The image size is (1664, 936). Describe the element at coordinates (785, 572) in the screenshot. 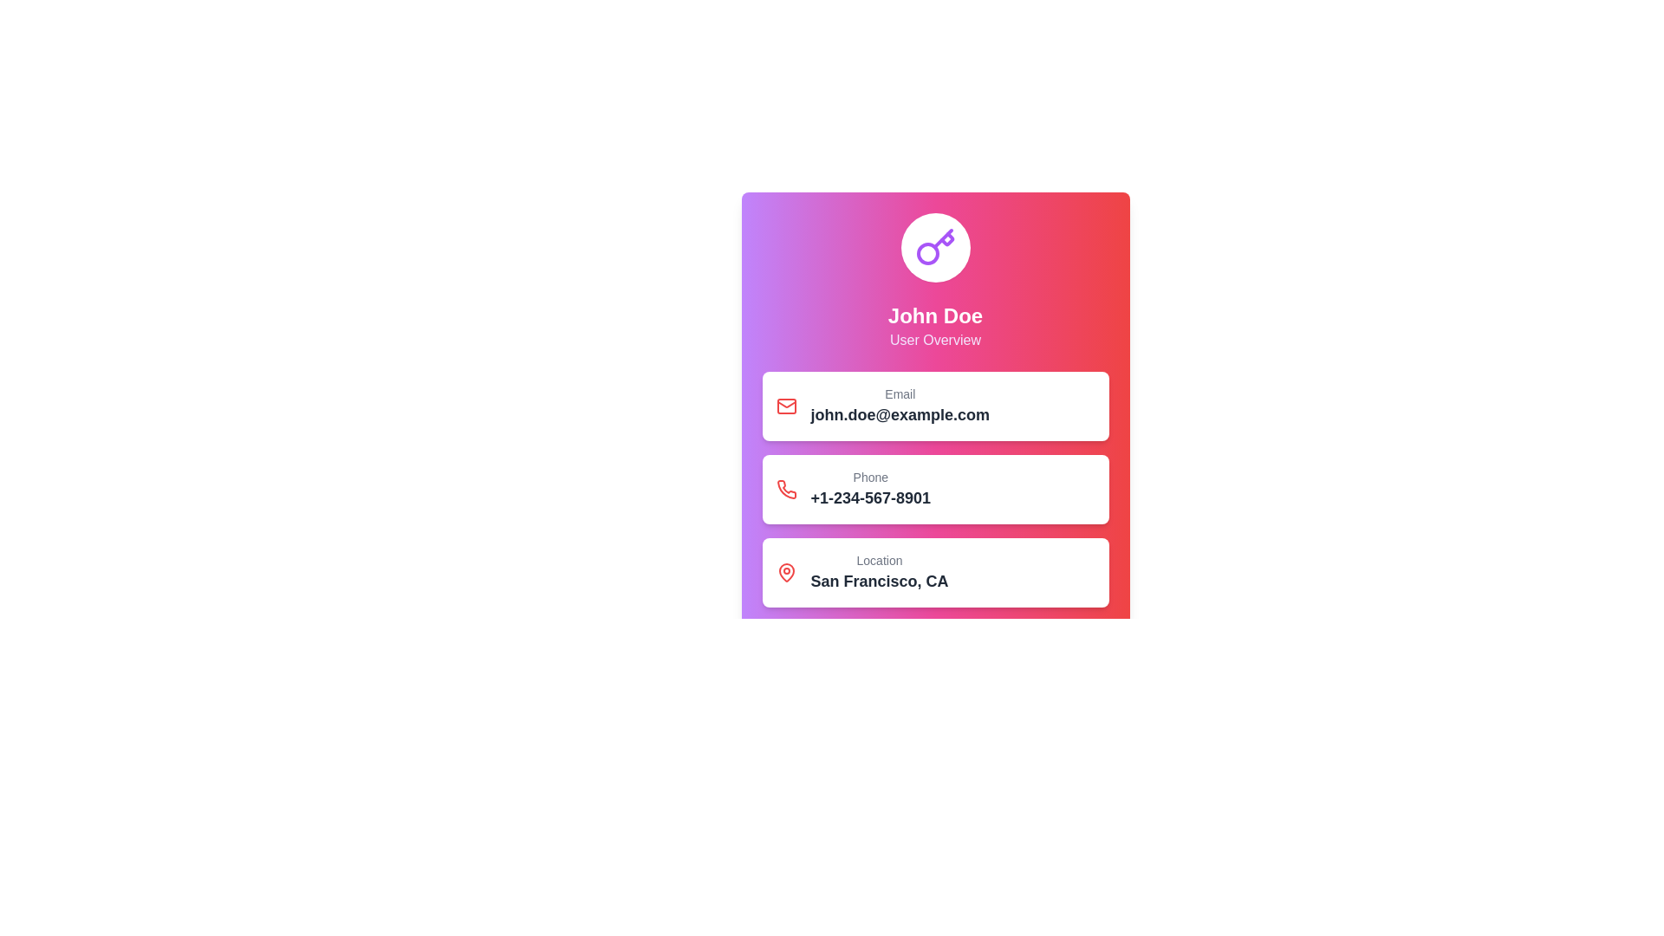

I see `the map pin icon that signifies the geographical location 'San Francisco, CA', located in the 'Location' section below 'Email' and 'Phone'` at that location.